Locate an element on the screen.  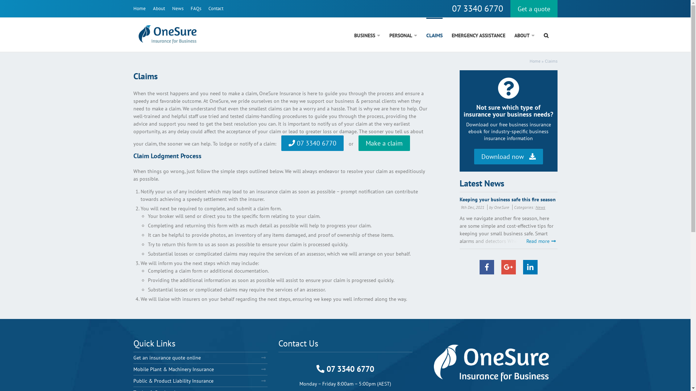
'CLAIMS' is located at coordinates (426, 34).